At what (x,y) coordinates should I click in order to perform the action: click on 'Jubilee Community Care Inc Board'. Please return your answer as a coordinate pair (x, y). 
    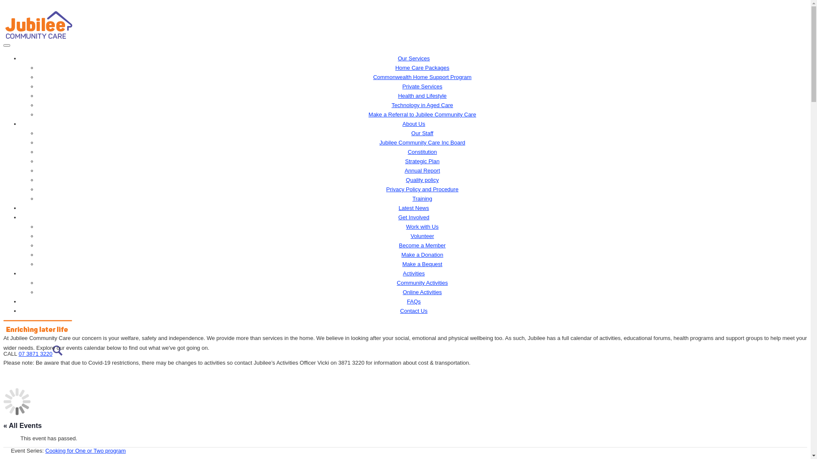
    Looking at the image, I should click on (377, 142).